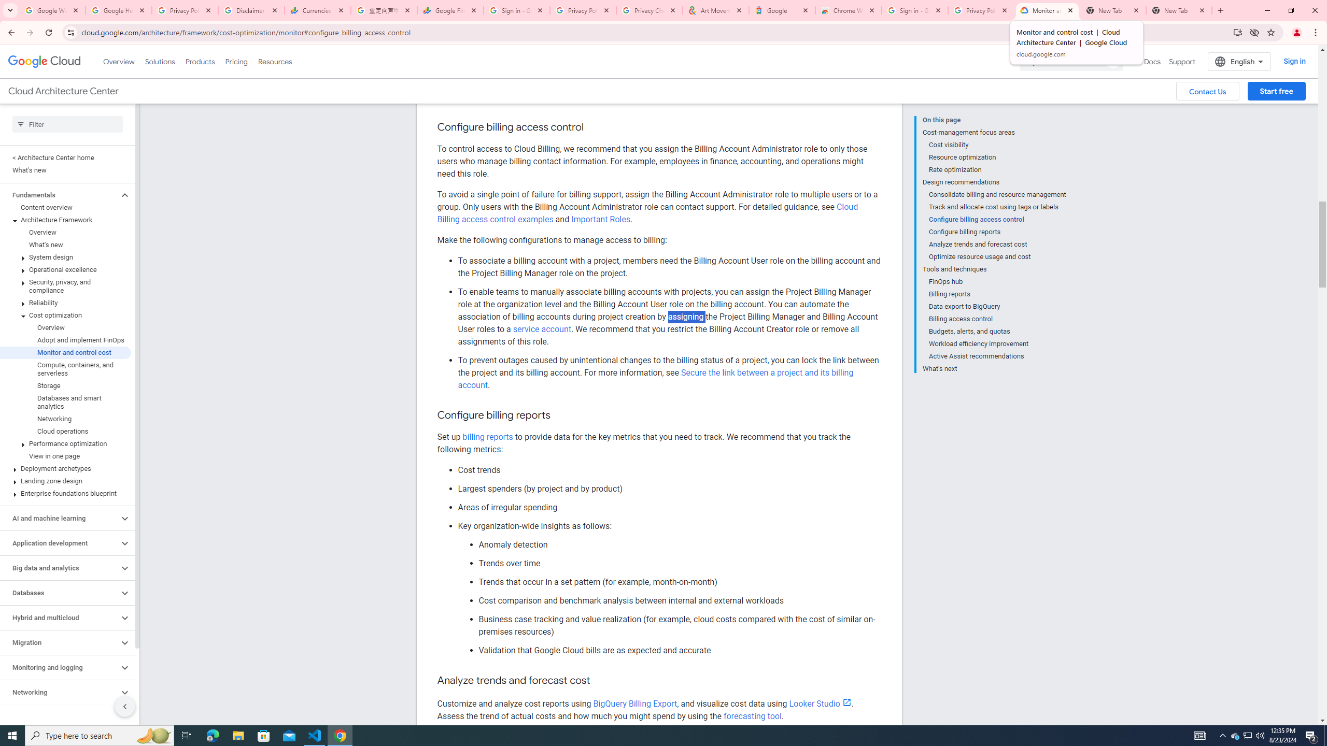  Describe the element at coordinates (44, 61) in the screenshot. I see `'Google Cloud'` at that location.